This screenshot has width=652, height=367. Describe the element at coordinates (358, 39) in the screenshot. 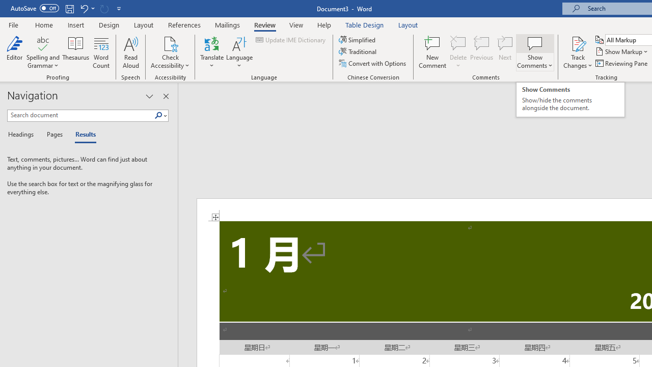

I see `'Simplified'` at that location.